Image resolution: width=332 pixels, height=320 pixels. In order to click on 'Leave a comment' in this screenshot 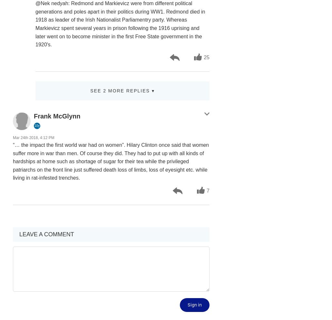, I will do `click(46, 234)`.